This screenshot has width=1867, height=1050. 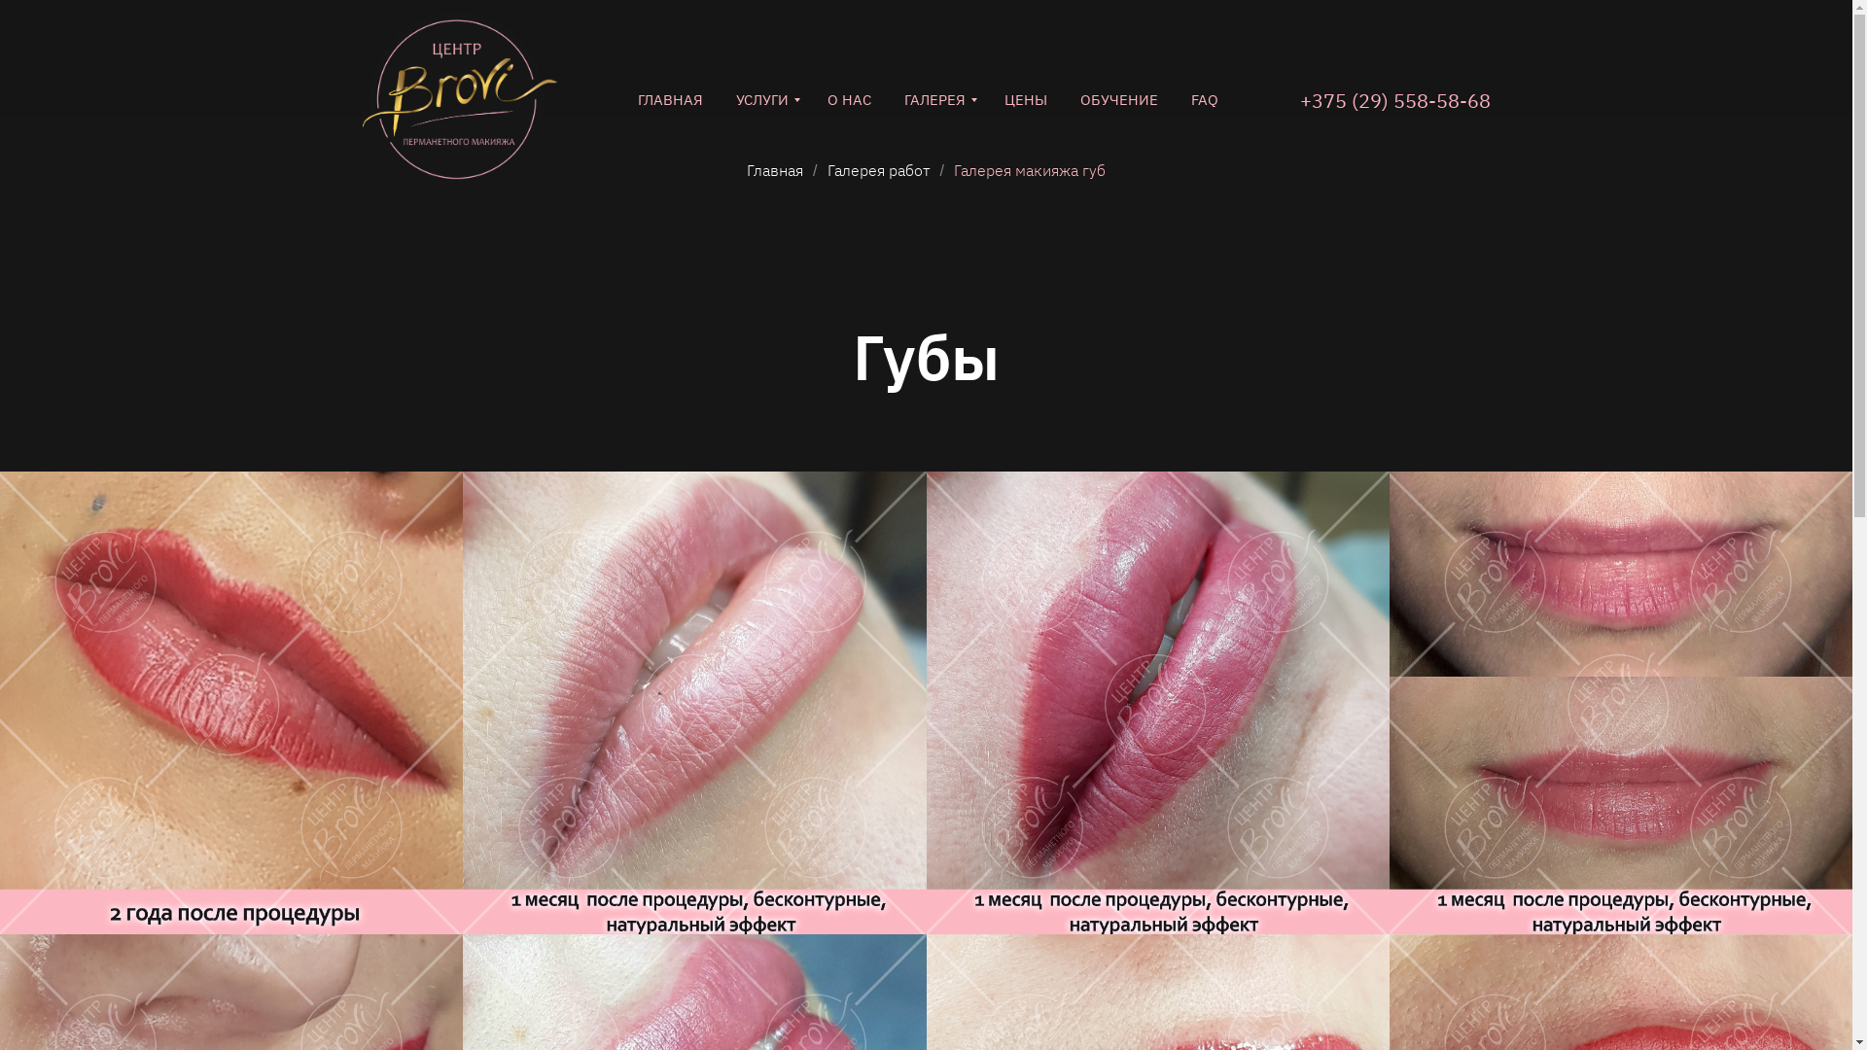 What do you see at coordinates (1203, 99) in the screenshot?
I see `'FAQ'` at bounding box center [1203, 99].